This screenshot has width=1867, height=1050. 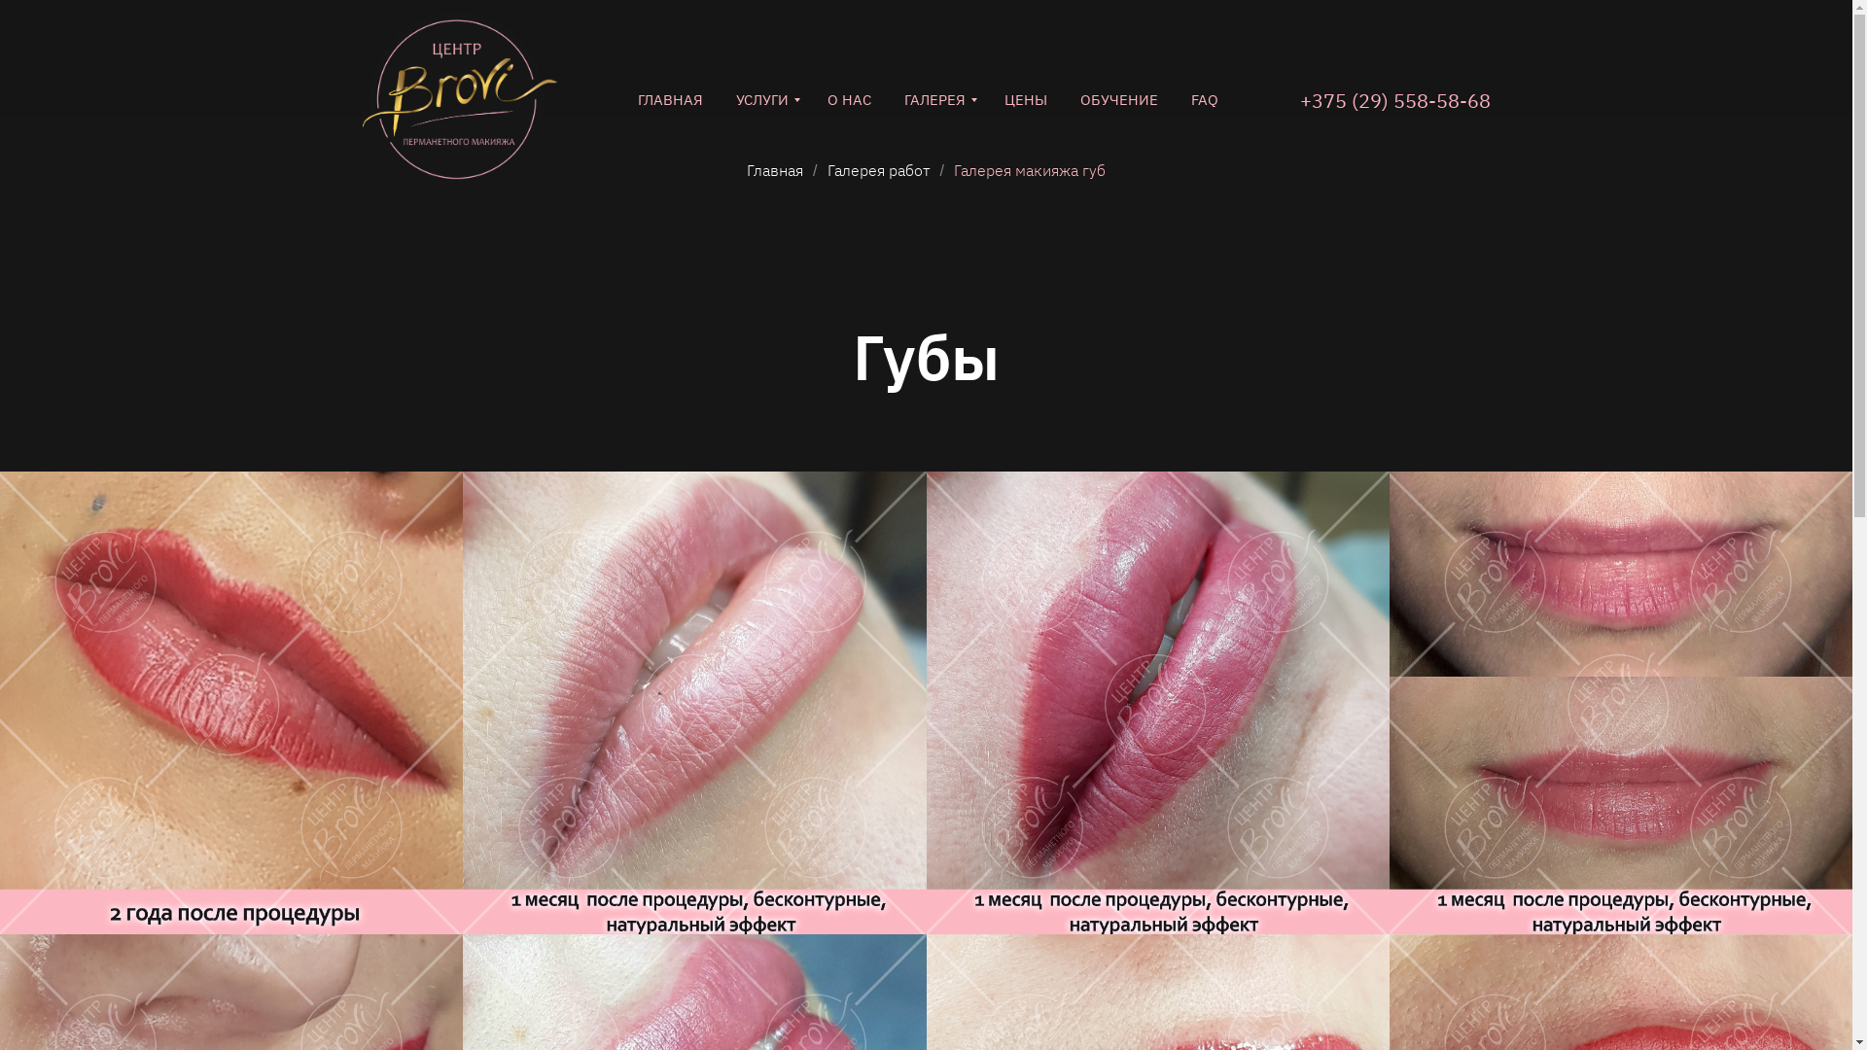 What do you see at coordinates (1203, 99) in the screenshot?
I see `'FAQ'` at bounding box center [1203, 99].